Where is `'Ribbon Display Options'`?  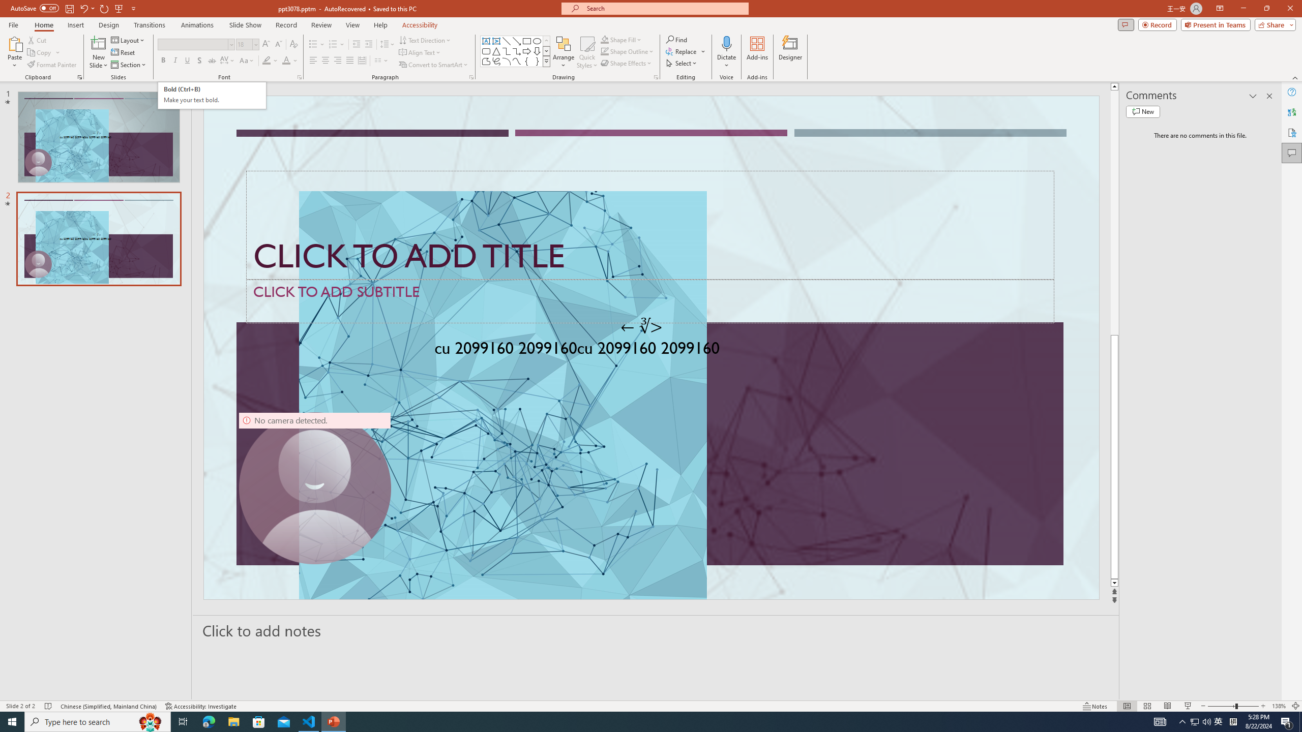
'Ribbon Display Options' is located at coordinates (1219, 8).